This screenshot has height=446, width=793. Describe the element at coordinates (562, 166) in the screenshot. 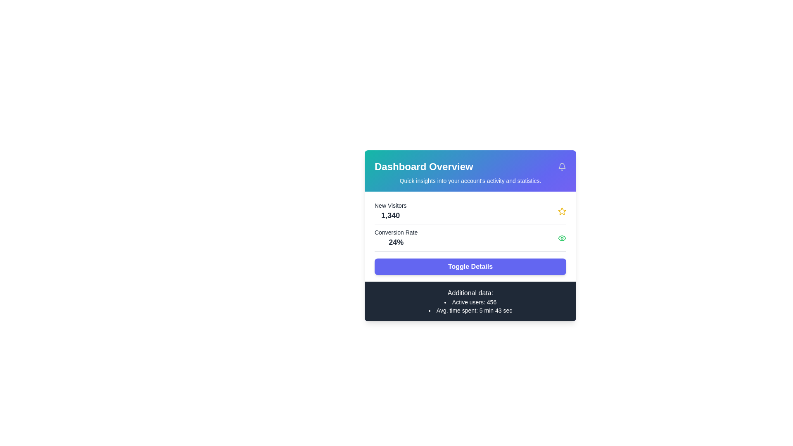

I see `the bell icon located at the top-right corner of the dashboard card layout, next to the title 'Dashboard Overview'` at that location.